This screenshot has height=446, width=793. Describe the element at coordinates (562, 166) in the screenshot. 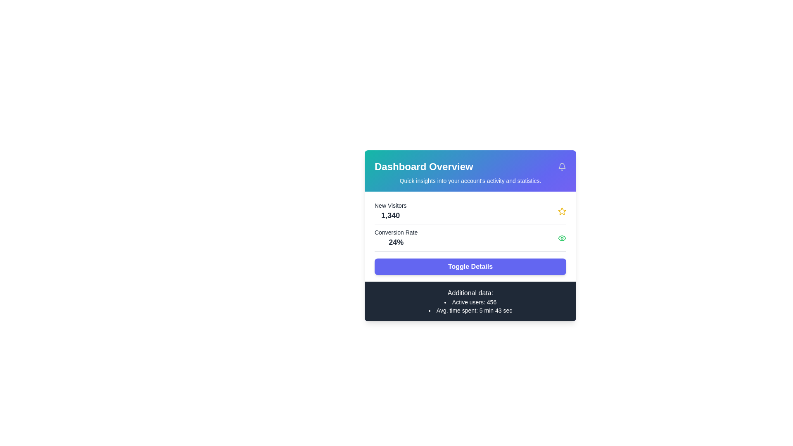

I see `the bell icon located at the top-right corner of the dashboard card layout, next to the title 'Dashboard Overview'` at that location.